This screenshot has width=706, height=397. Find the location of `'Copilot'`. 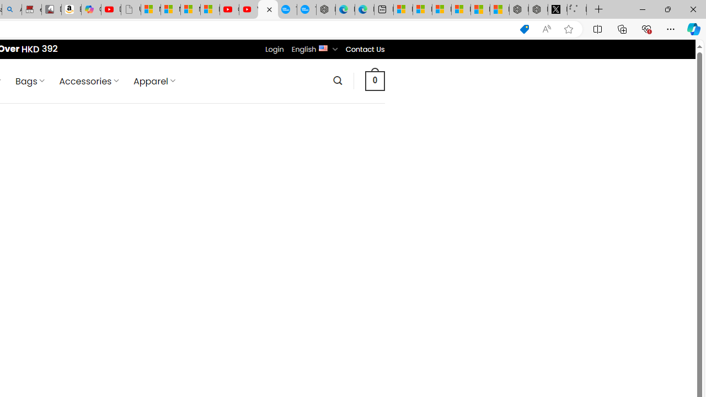

'Copilot' is located at coordinates (91, 9).